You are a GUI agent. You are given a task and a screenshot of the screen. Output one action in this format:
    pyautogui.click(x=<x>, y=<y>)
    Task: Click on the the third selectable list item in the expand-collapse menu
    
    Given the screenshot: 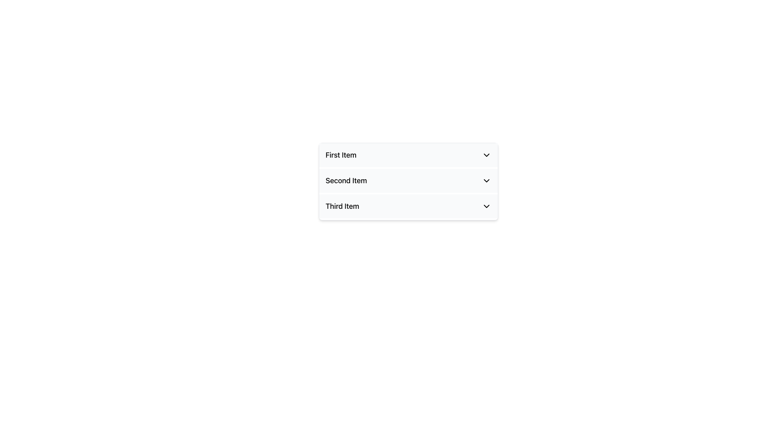 What is the action you would take?
    pyautogui.click(x=408, y=206)
    